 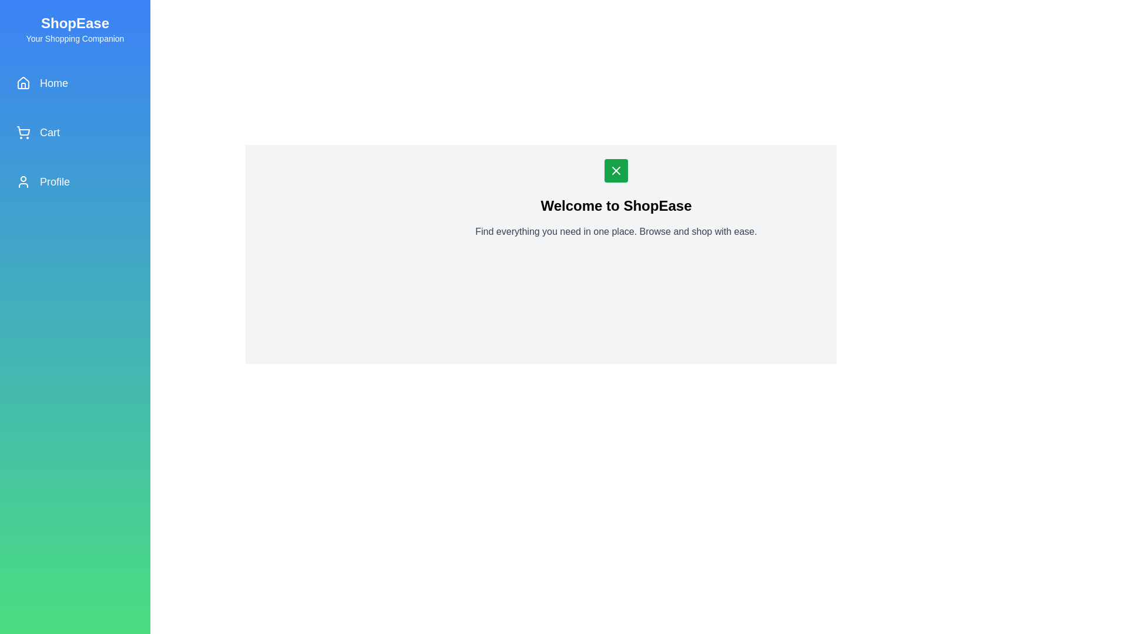 I want to click on prominent text block displaying 'Welcome to ShopEase', which is centrally positioned on the page and styled in bold with a larger text size for context understanding, so click(x=616, y=205).